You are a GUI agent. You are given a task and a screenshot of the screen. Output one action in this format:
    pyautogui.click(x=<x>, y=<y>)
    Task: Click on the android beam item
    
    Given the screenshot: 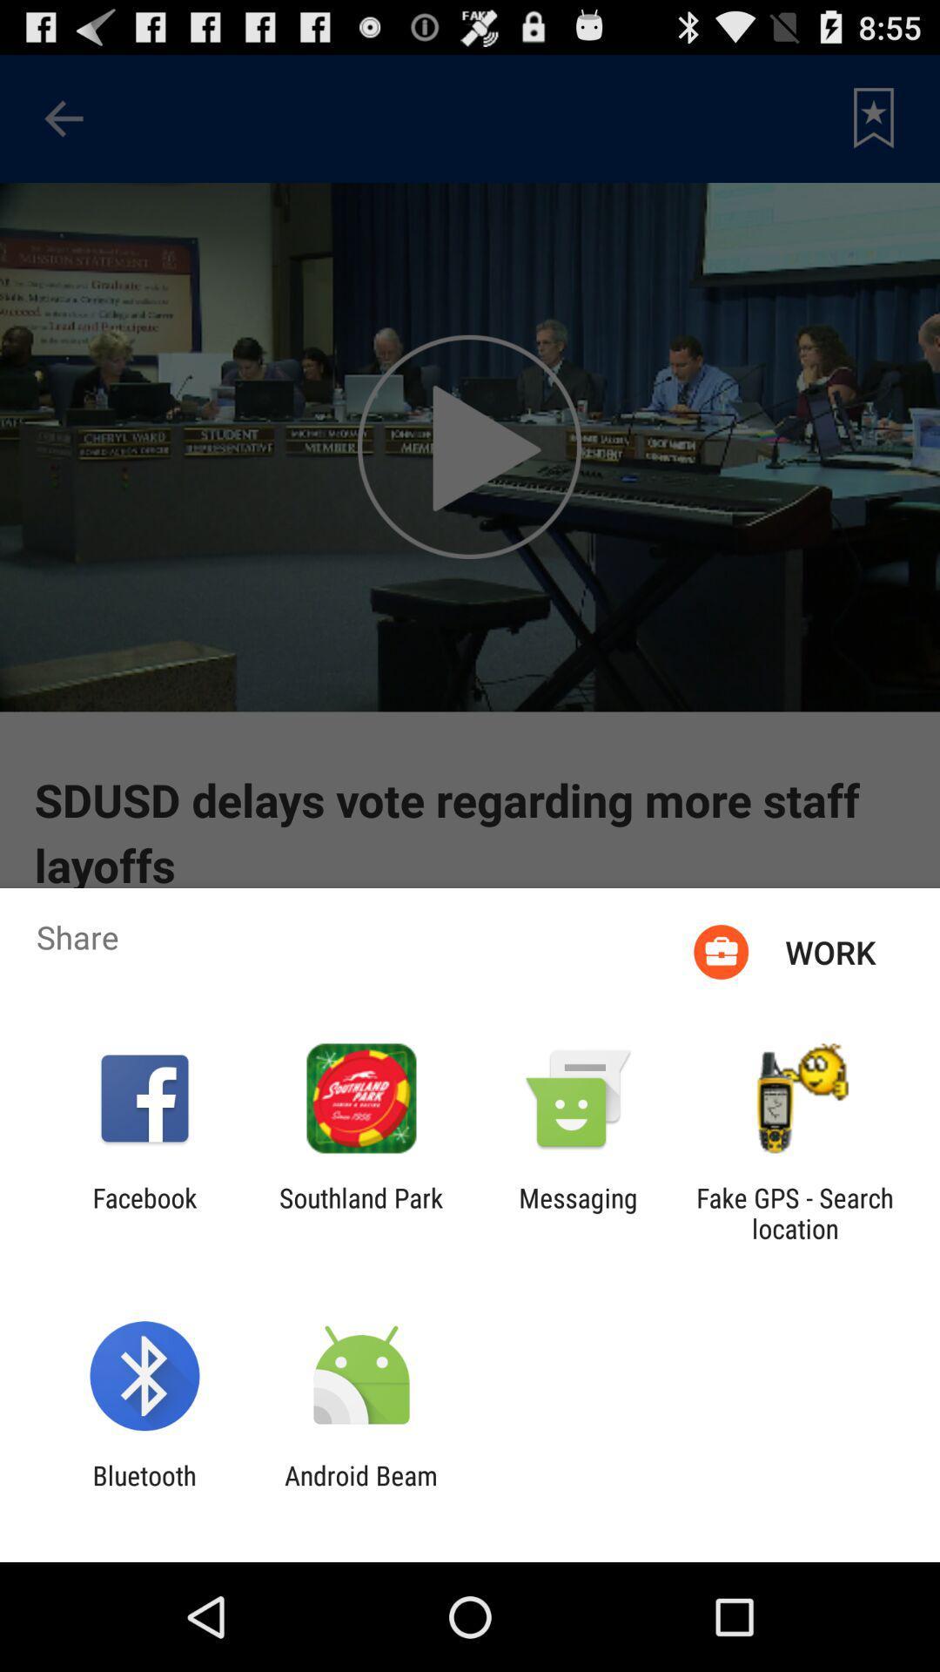 What is the action you would take?
    pyautogui.click(x=360, y=1490)
    